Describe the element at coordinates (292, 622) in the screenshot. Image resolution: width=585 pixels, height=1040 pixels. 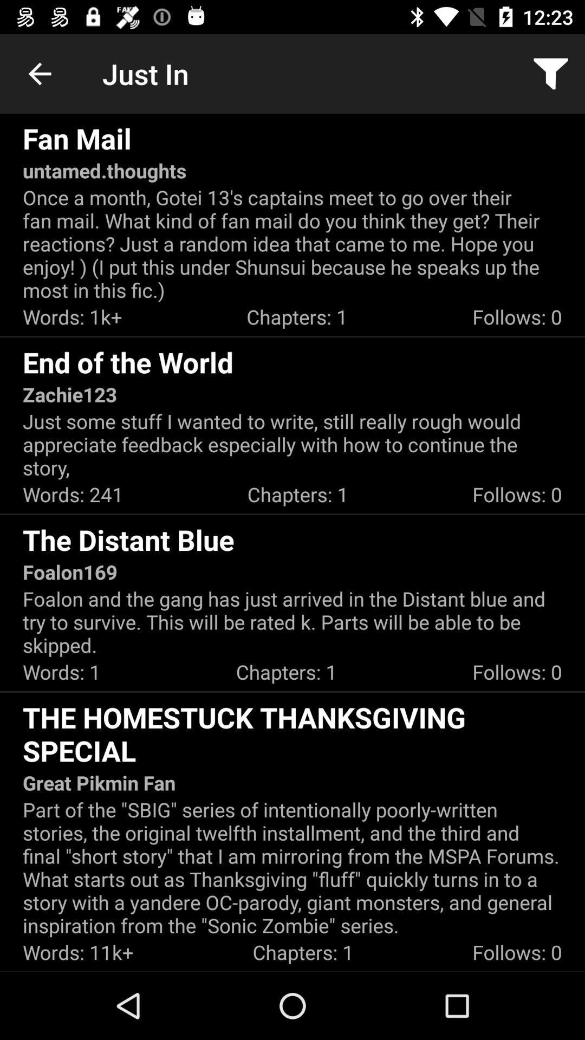
I see `the item below the foalon169 icon` at that location.